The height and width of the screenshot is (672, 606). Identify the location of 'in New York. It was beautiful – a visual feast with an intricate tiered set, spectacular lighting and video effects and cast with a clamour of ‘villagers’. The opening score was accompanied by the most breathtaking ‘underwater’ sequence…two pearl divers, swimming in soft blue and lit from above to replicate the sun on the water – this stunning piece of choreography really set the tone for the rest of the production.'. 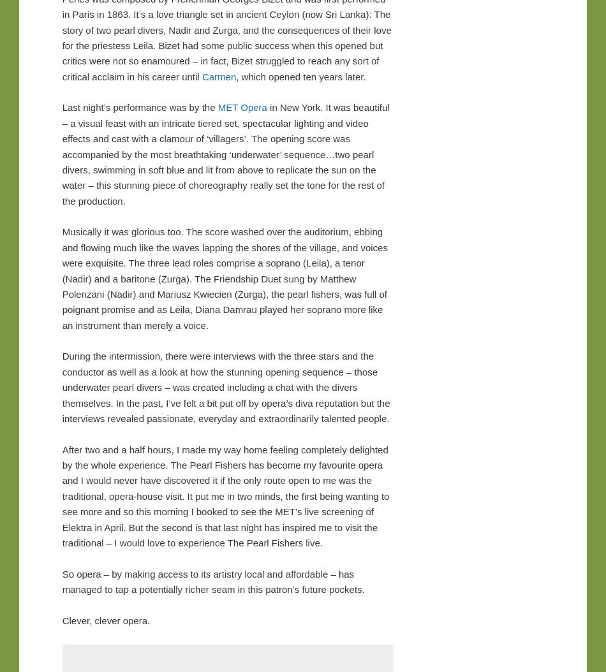
(61, 154).